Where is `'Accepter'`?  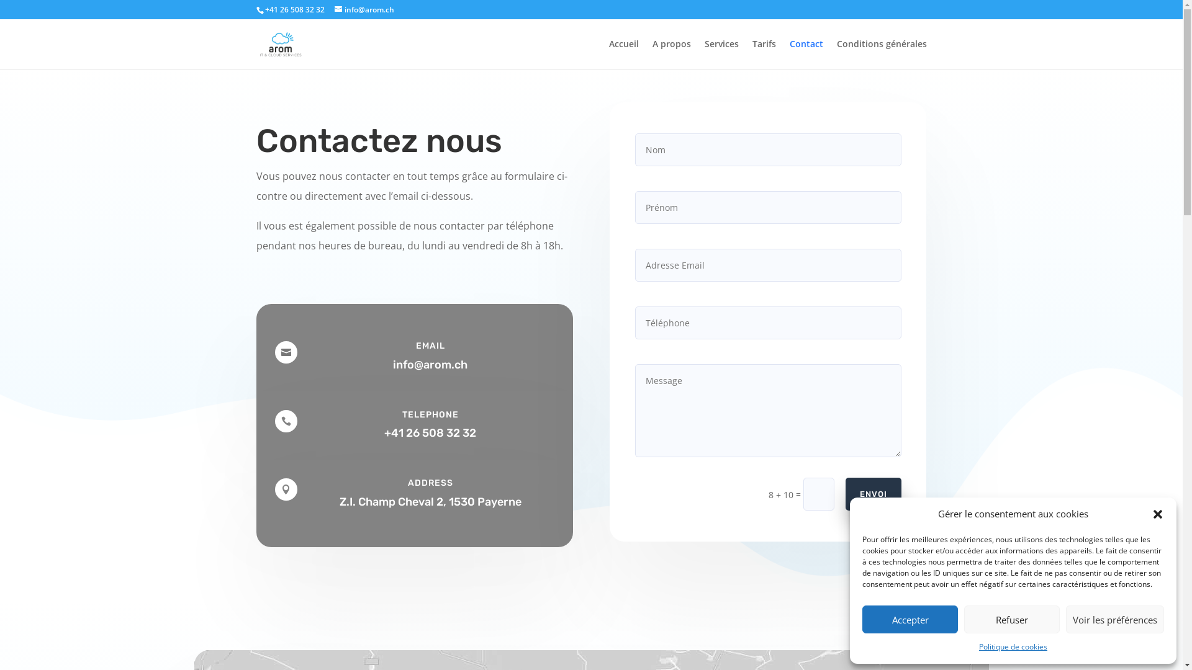
'Accepter' is located at coordinates (910, 619).